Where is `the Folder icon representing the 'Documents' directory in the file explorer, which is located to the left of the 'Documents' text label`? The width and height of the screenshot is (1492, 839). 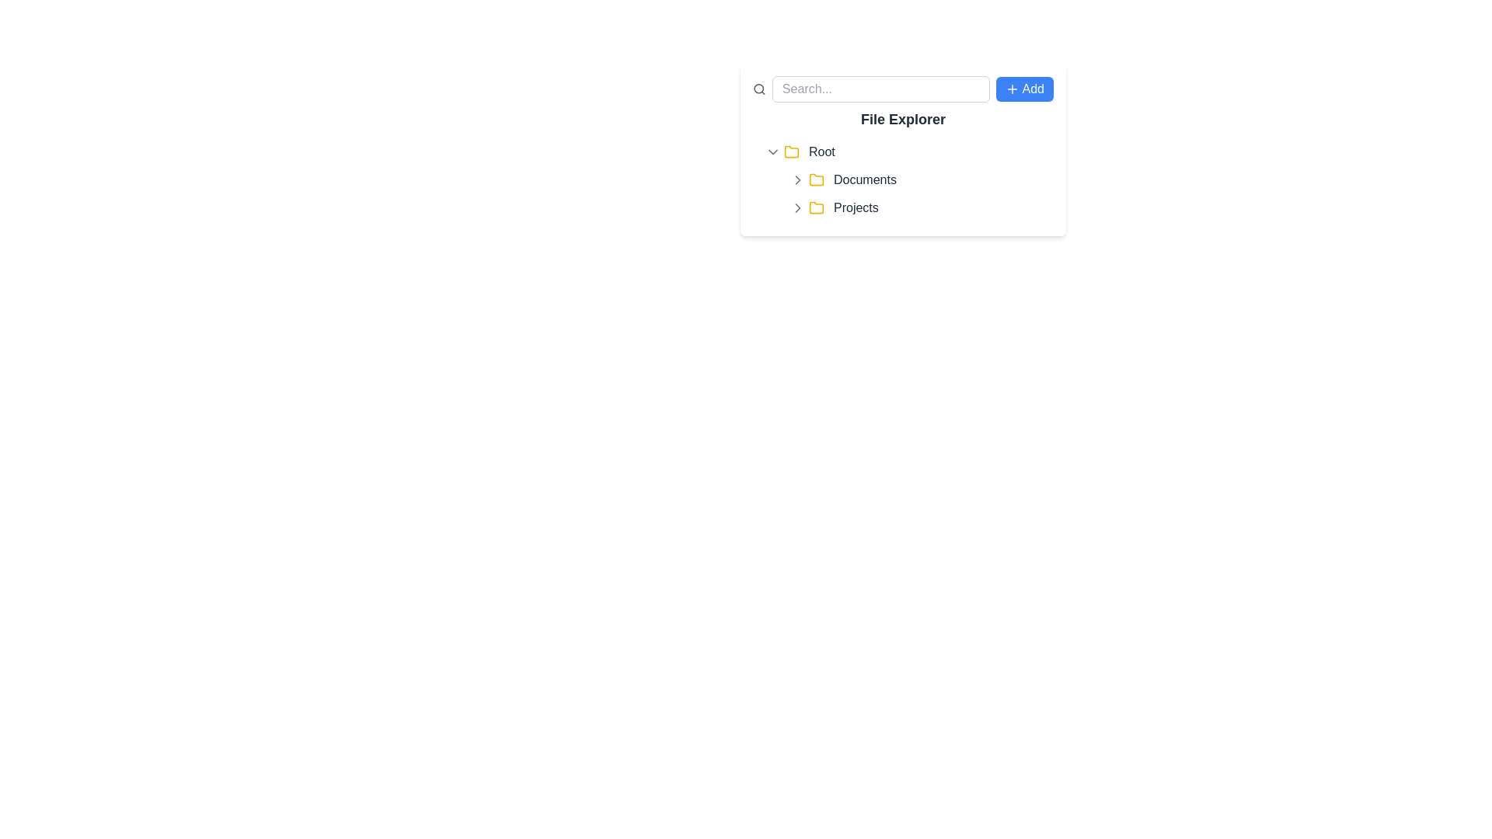 the Folder icon representing the 'Documents' directory in the file explorer, which is located to the left of the 'Documents' text label is located at coordinates (816, 179).